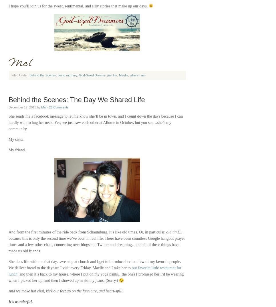 This screenshot has width=276, height=307. I want to click on 'Maelie', so click(123, 75).